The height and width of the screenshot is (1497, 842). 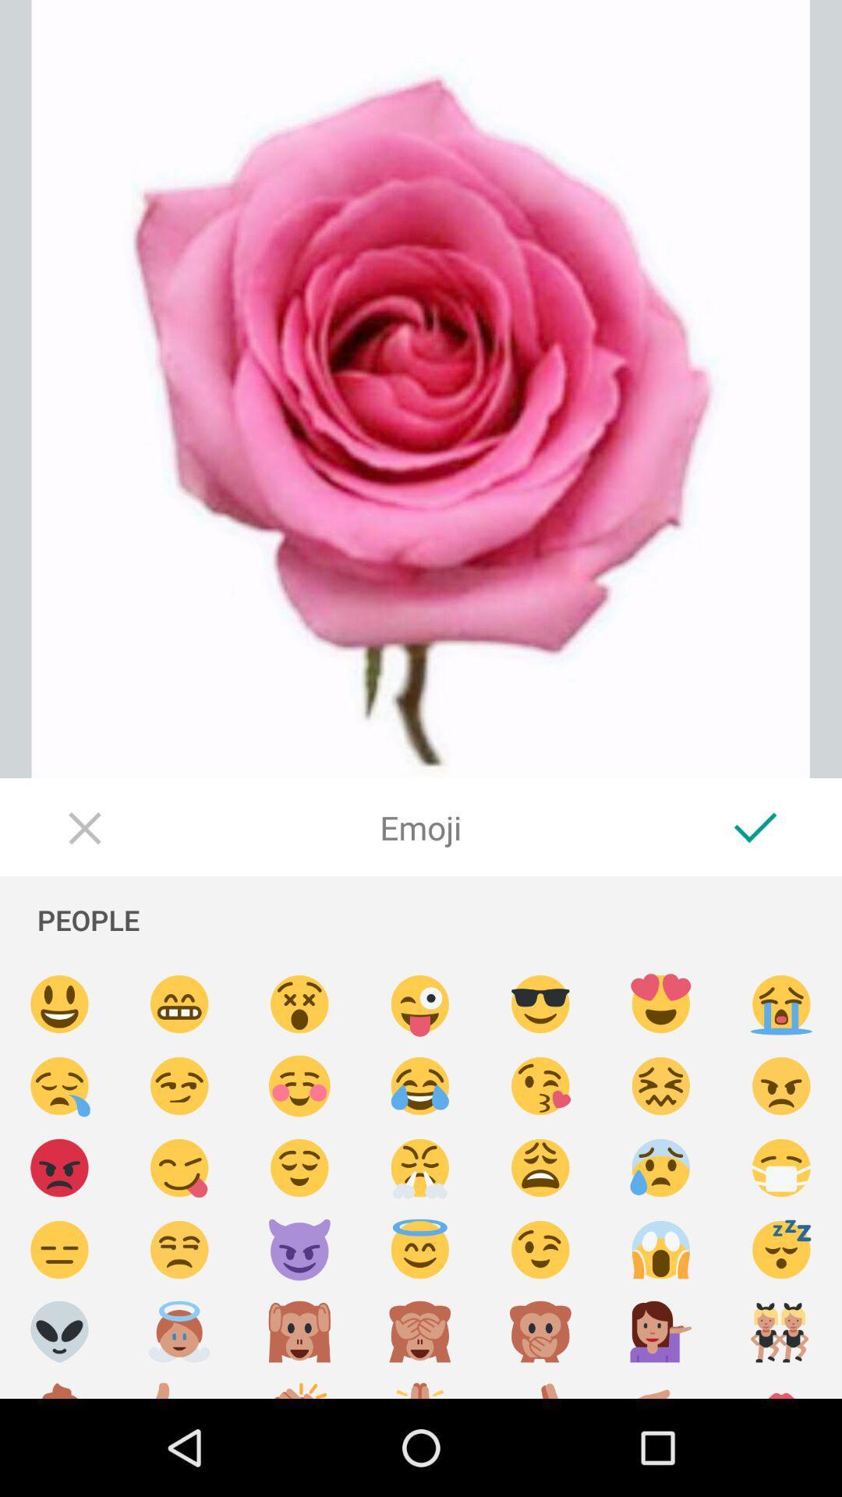 What do you see at coordinates (299, 1331) in the screenshot?
I see `send emoji` at bounding box center [299, 1331].